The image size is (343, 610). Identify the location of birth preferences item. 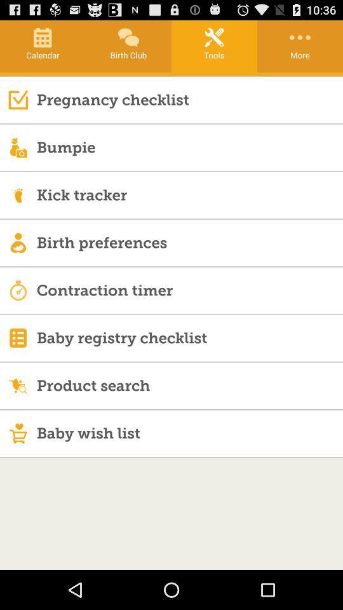
(189, 241).